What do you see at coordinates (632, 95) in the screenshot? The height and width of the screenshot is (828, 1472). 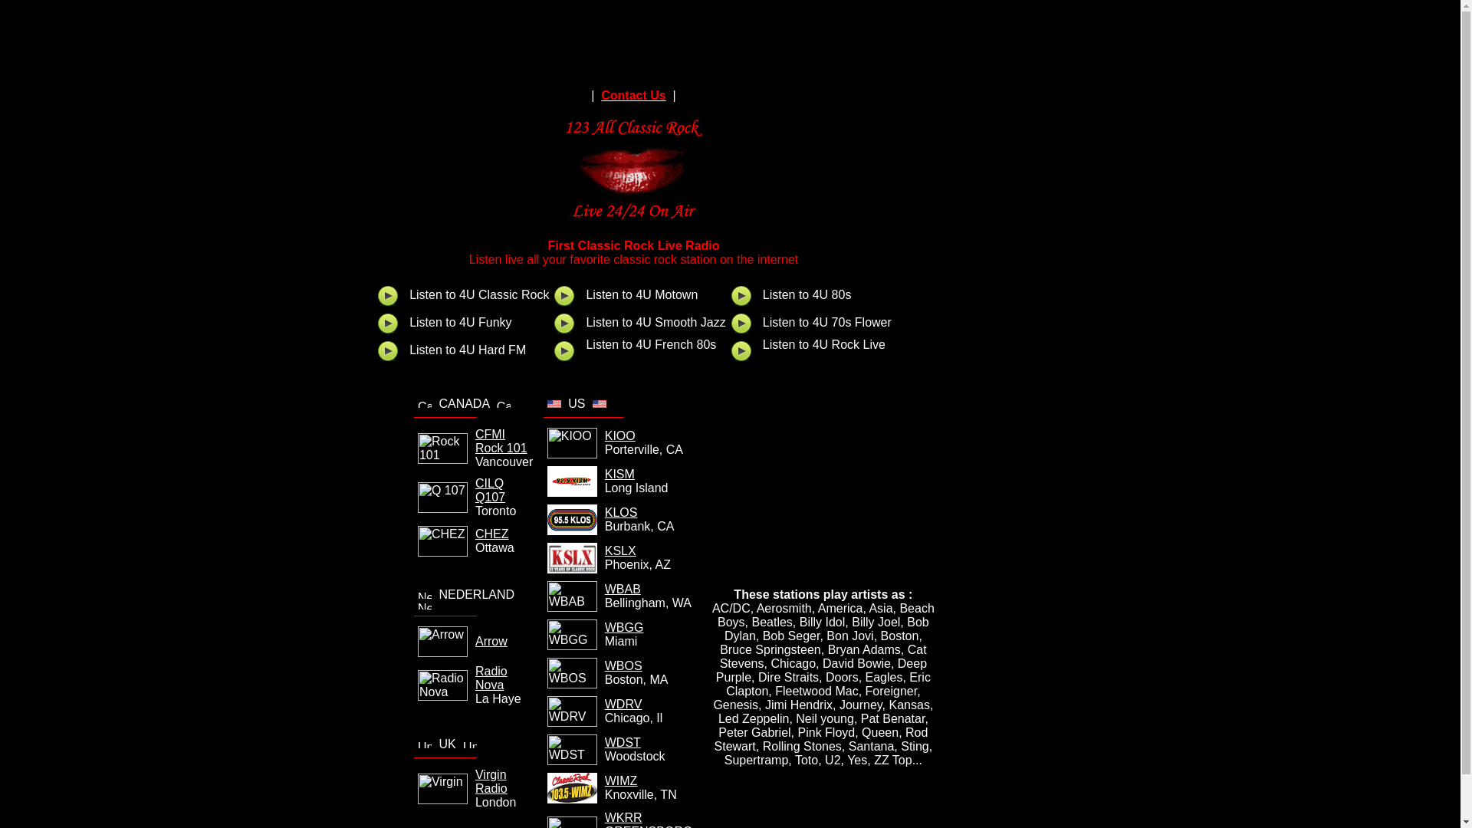 I see `'Contact Us'` at bounding box center [632, 95].